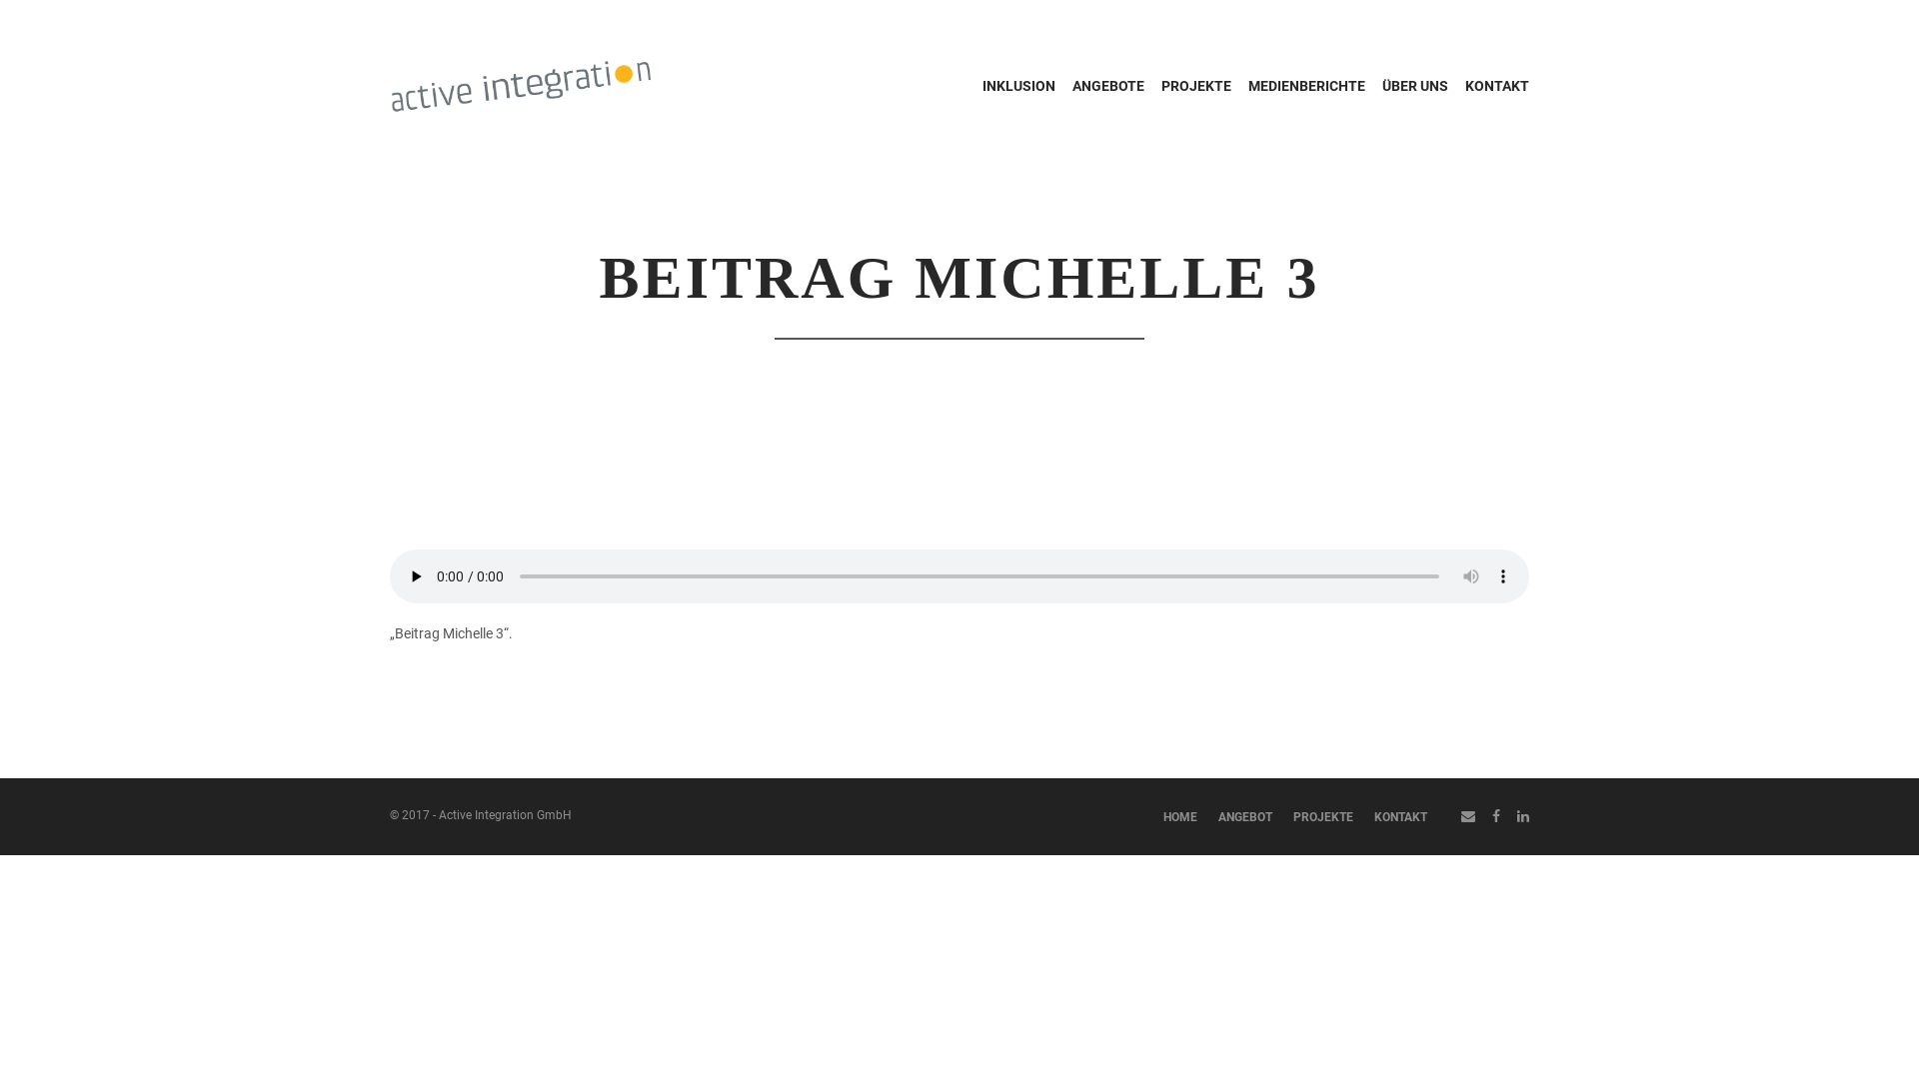 The width and height of the screenshot is (1919, 1079). Describe the element at coordinates (1244, 816) in the screenshot. I see `'ANGEBOT'` at that location.